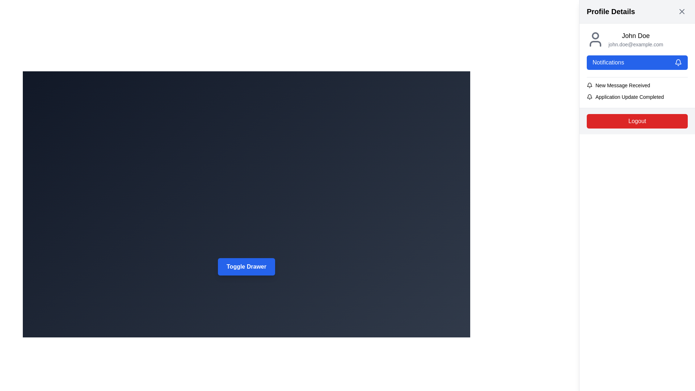 The width and height of the screenshot is (695, 391). Describe the element at coordinates (637, 121) in the screenshot. I see `the distinct red 'Logout' button with white text located at the bottom of the right-side profile panel` at that location.